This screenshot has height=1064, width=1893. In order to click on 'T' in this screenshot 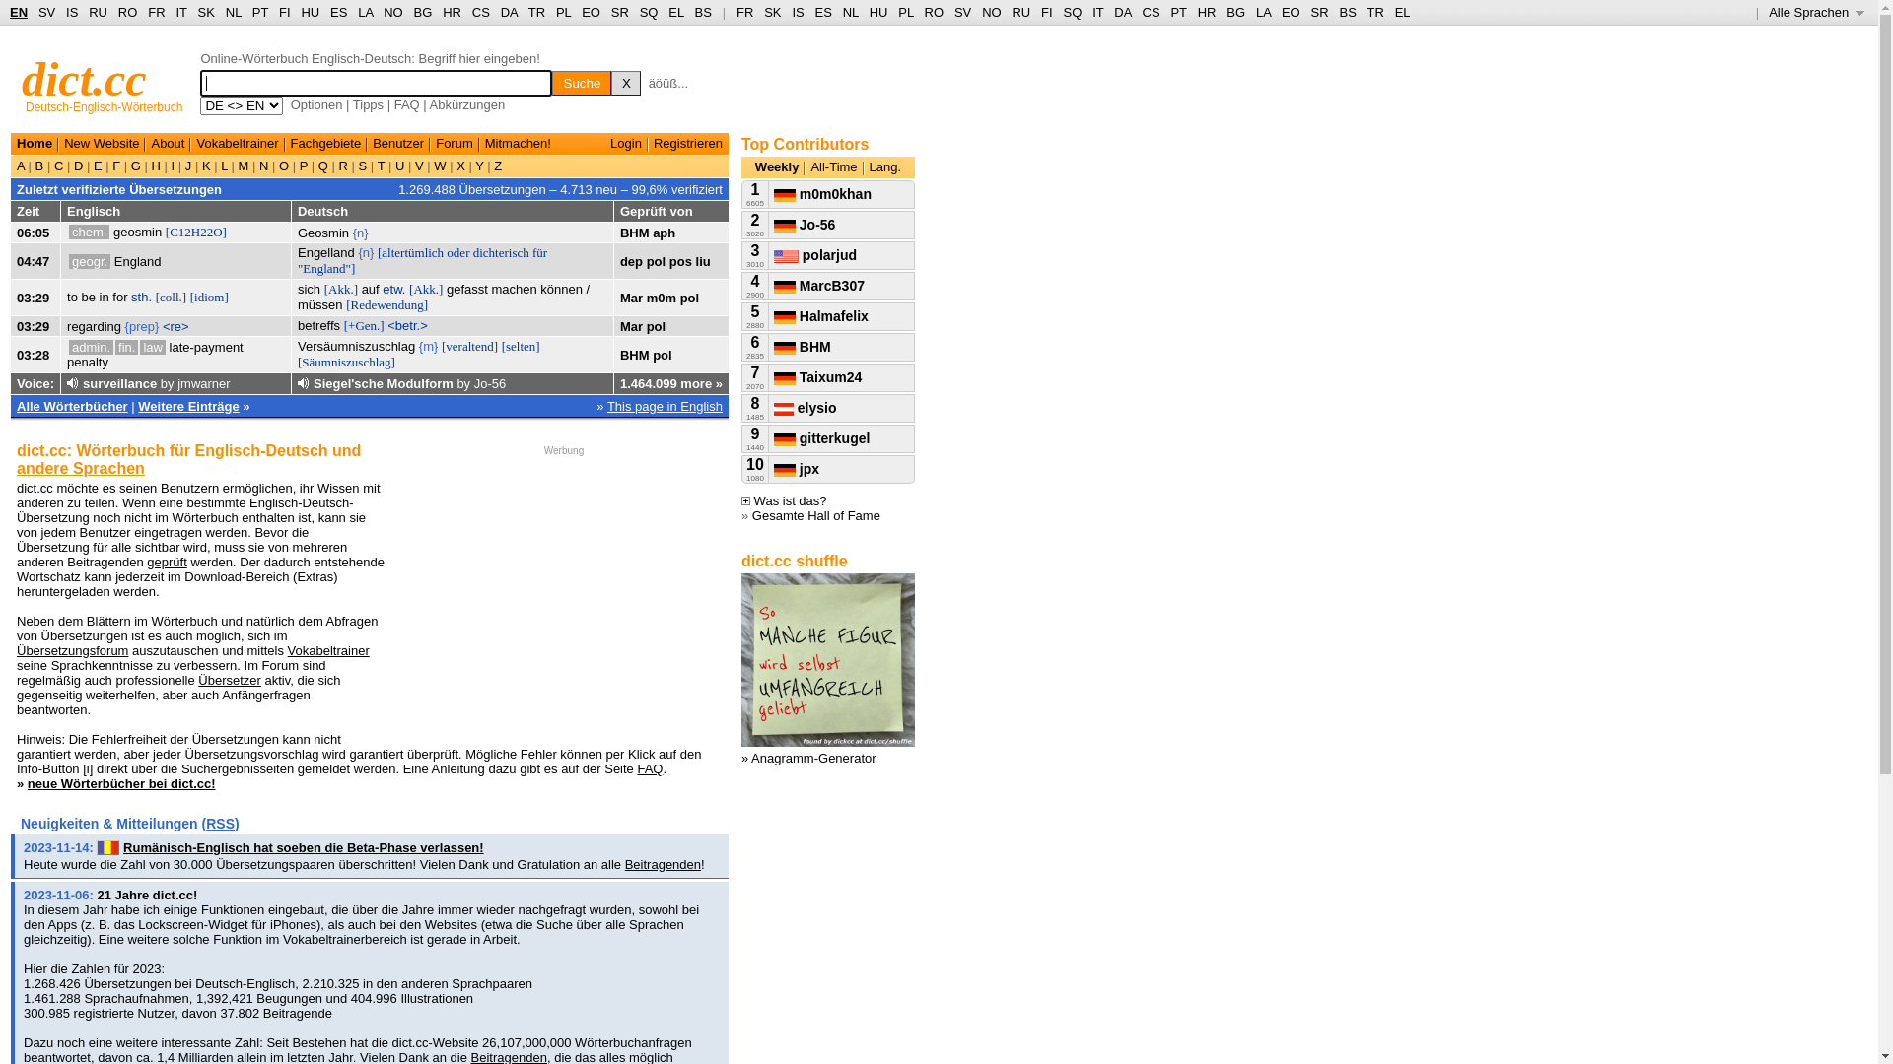, I will do `click(381, 165)`.